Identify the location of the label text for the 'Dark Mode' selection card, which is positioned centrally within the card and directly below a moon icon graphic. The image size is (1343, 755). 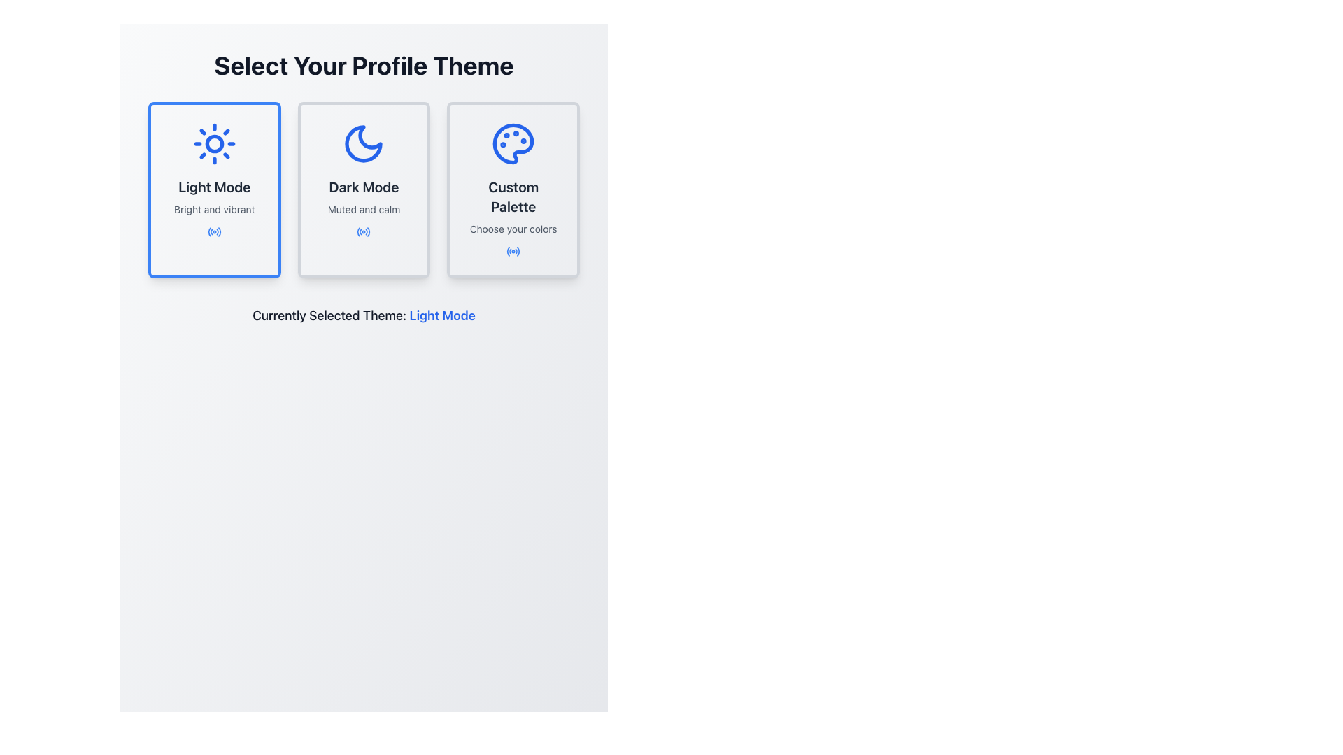
(364, 186).